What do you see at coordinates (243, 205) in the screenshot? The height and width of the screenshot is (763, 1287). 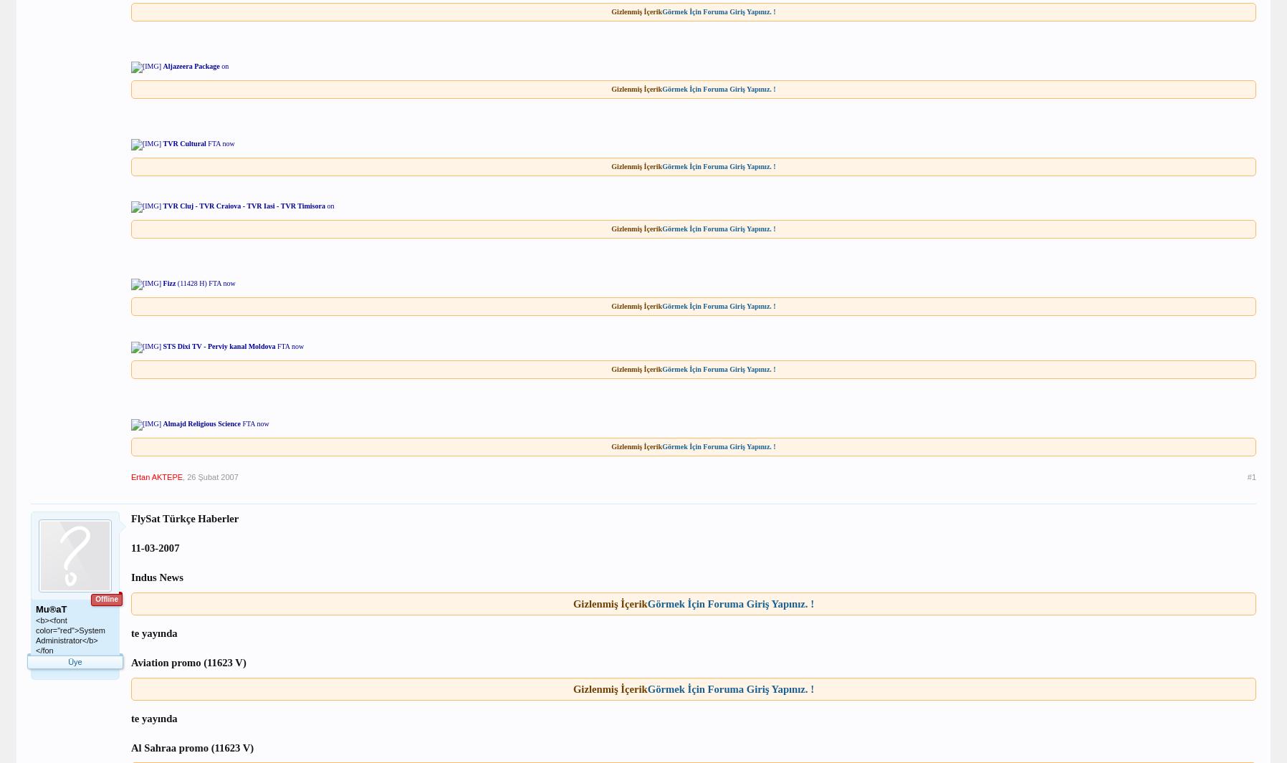 I see `'TVR Cluj - TVR Craiova - TVR Iasi - TVR Timisora'` at bounding box center [243, 205].